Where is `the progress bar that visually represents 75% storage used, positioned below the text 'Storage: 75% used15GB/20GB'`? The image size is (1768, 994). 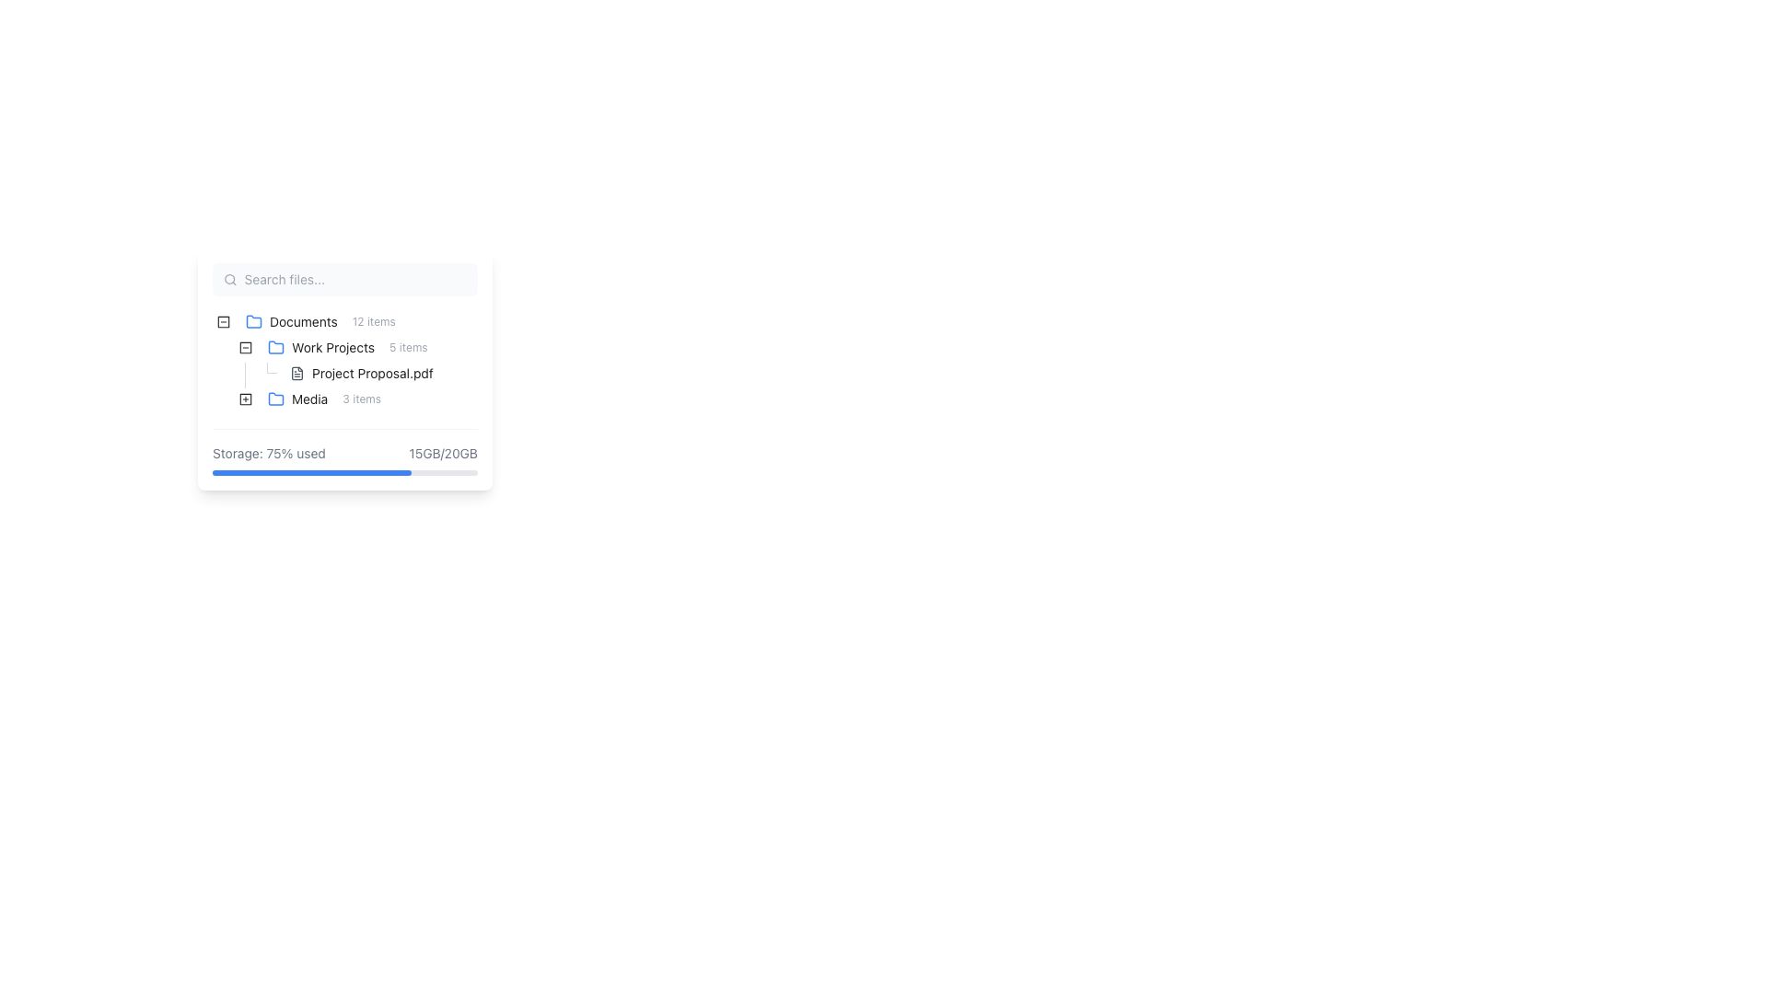 the progress bar that visually represents 75% storage used, positioned below the text 'Storage: 75% used15GB/20GB' is located at coordinates (344, 471).